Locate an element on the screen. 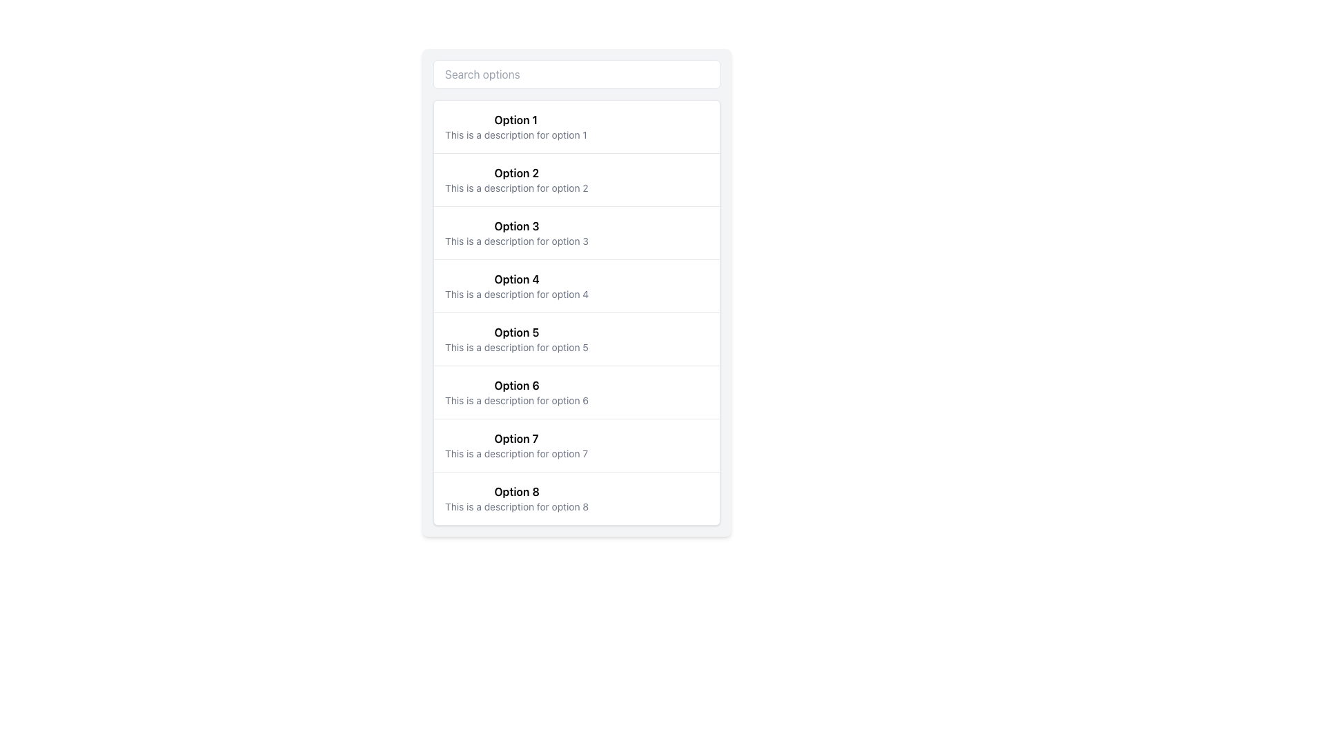 The height and width of the screenshot is (745, 1325). the fourth item option in the list is located at coordinates (576, 284).